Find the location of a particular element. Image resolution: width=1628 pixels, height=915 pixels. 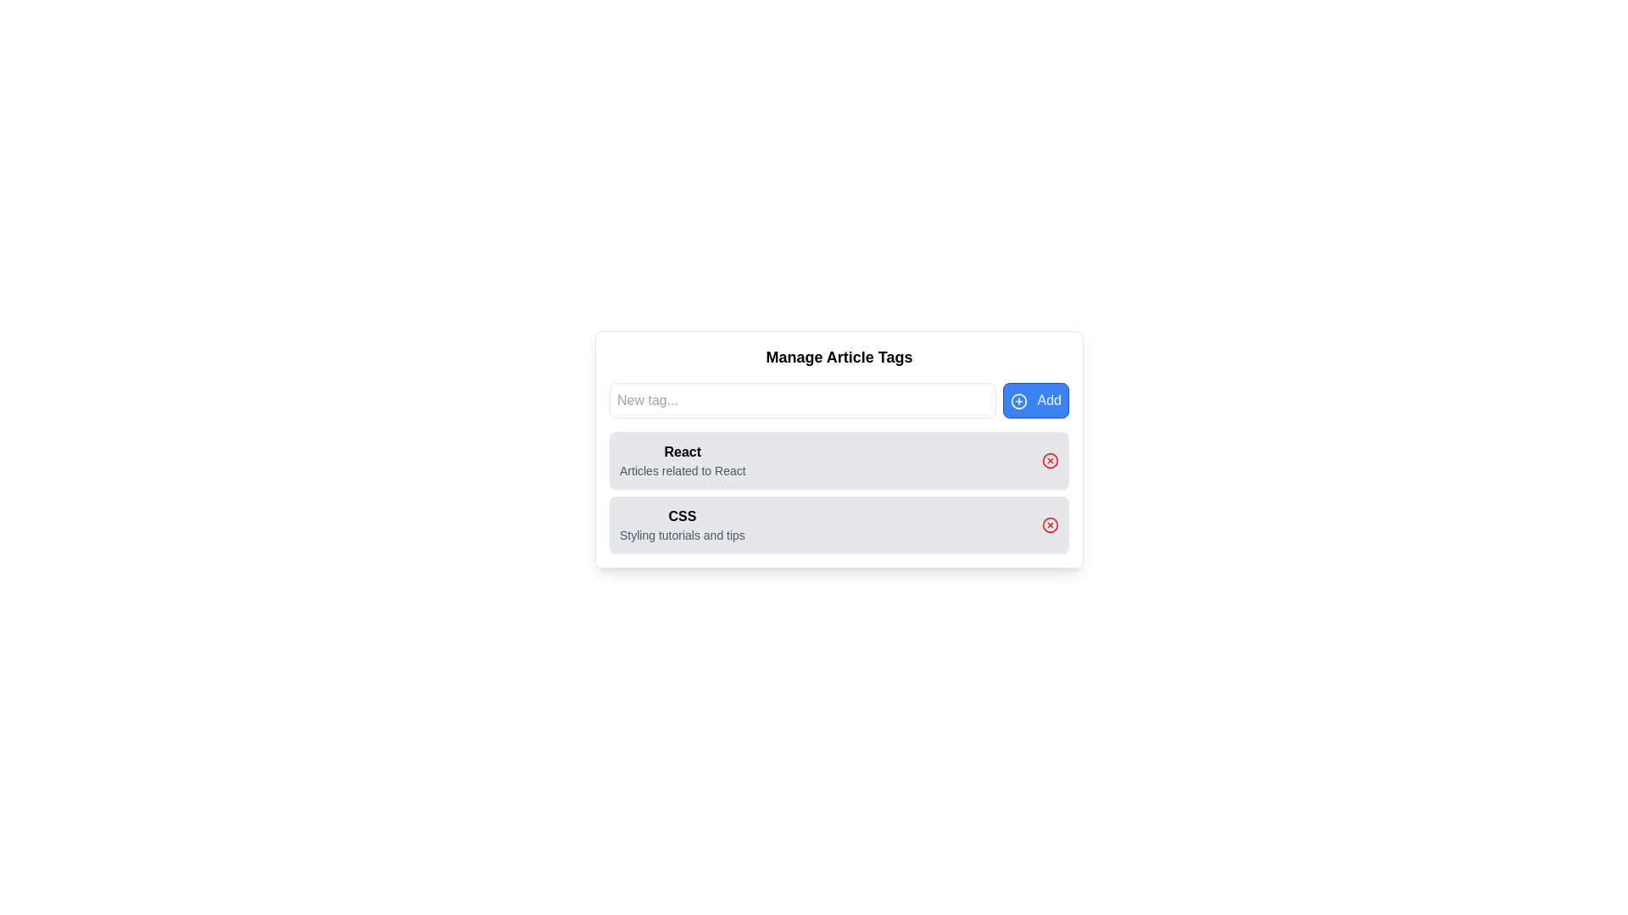

the 'Add' button located within the 'Manage Article Tags' interface to invoke the 'Add' action is located at coordinates (1017, 401).